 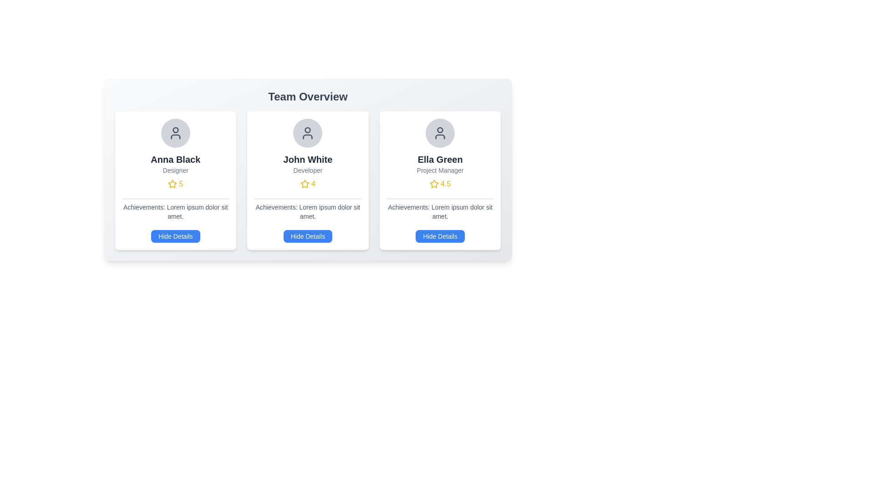 What do you see at coordinates (308, 210) in the screenshot?
I see `the 'Achievements:' text label, which is styled with a small font size in light gray color and is located on the middle card above the 'Hide Details' button` at bounding box center [308, 210].